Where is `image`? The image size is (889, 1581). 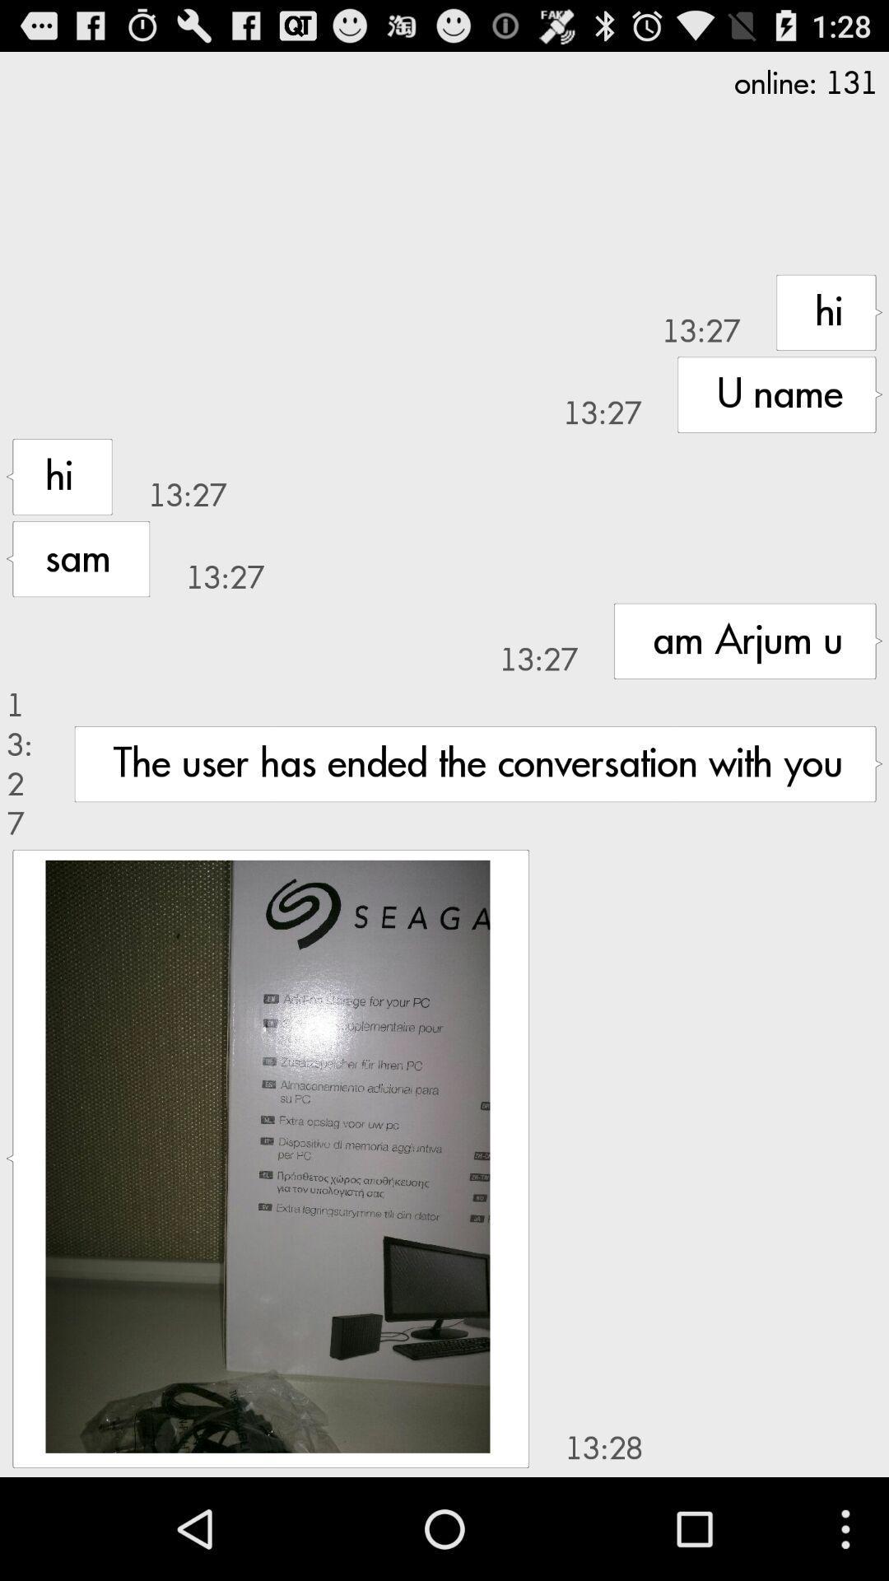 image is located at coordinates (267, 1155).